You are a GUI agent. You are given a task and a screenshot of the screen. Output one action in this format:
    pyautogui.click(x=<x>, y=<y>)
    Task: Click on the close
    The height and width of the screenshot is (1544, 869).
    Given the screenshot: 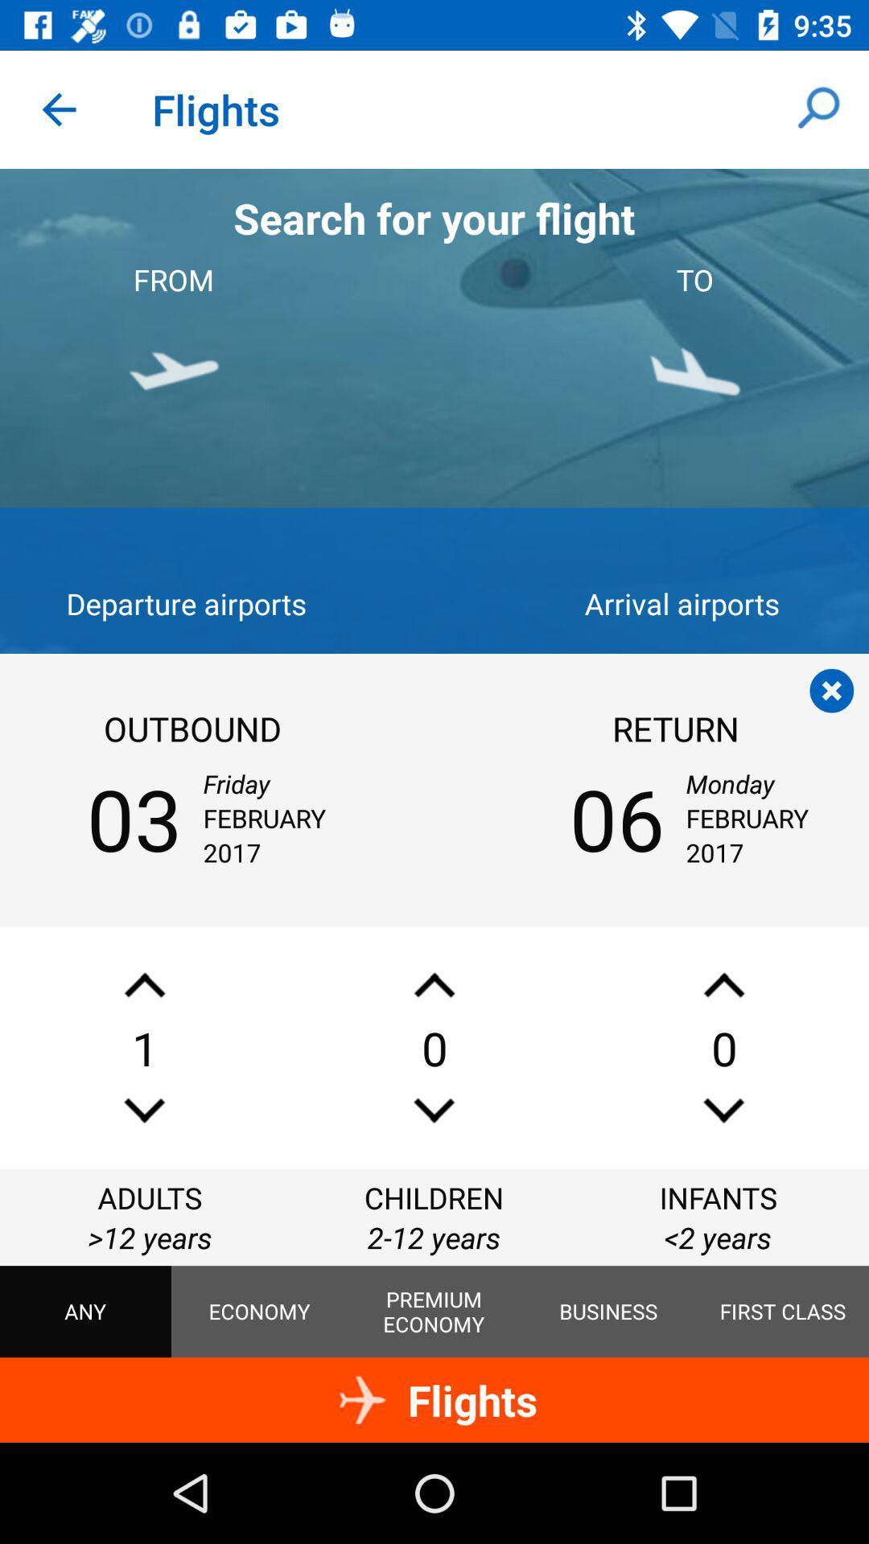 What is the action you would take?
    pyautogui.click(x=831, y=691)
    